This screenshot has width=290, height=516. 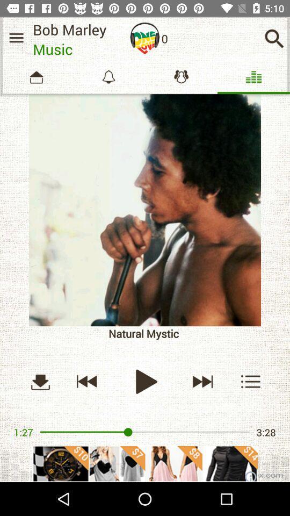 What do you see at coordinates (16, 38) in the screenshot?
I see `menu` at bounding box center [16, 38].